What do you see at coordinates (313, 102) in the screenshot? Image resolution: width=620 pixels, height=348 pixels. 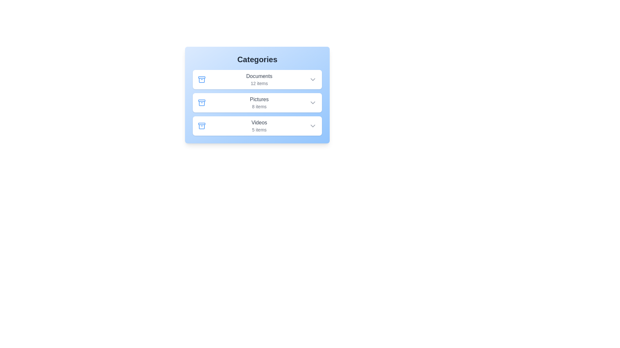 I see `the dropdown icon of the Pictures item` at bounding box center [313, 102].